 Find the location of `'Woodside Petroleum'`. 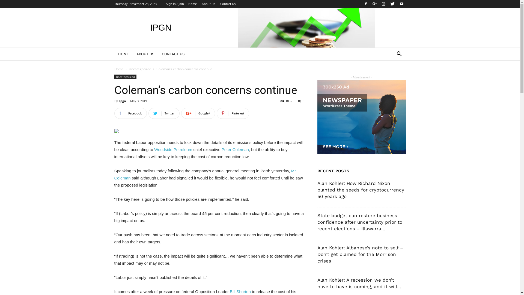

'Woodside Petroleum' is located at coordinates (173, 149).